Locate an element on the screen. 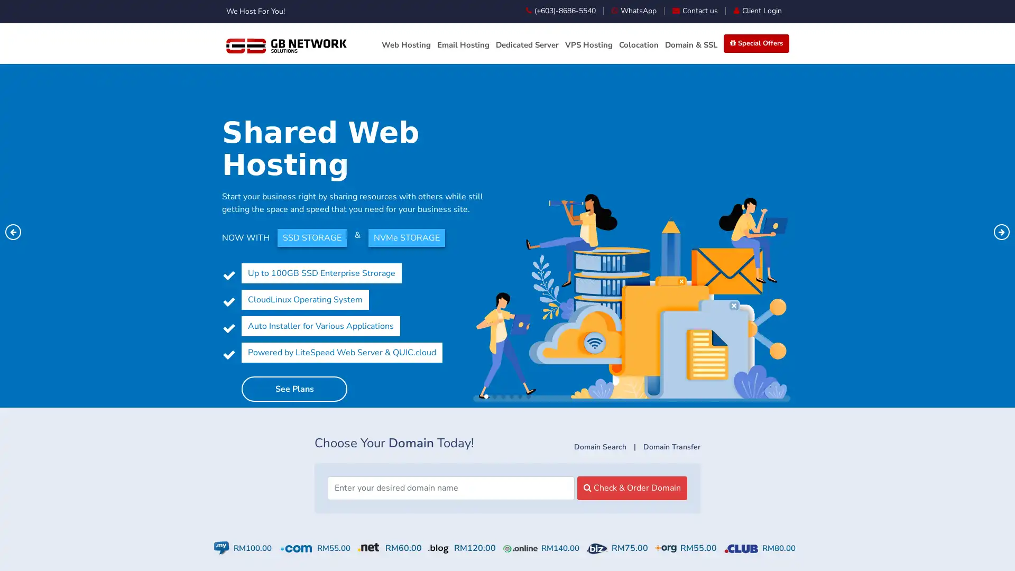 This screenshot has height=571, width=1015. Previous slide is located at coordinates (13, 231).